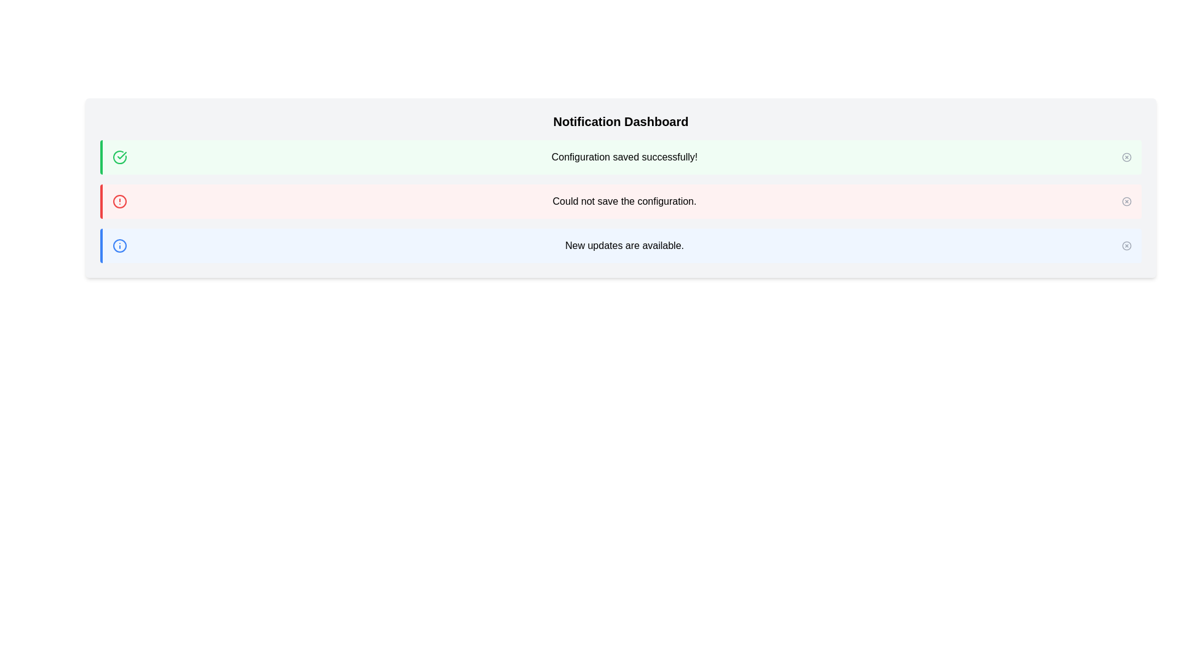 This screenshot has height=664, width=1181. Describe the element at coordinates (120, 200) in the screenshot. I see `the alert icon located on the left side of the notification bar, next to the alert message 'Could not save the configuration.'` at that location.